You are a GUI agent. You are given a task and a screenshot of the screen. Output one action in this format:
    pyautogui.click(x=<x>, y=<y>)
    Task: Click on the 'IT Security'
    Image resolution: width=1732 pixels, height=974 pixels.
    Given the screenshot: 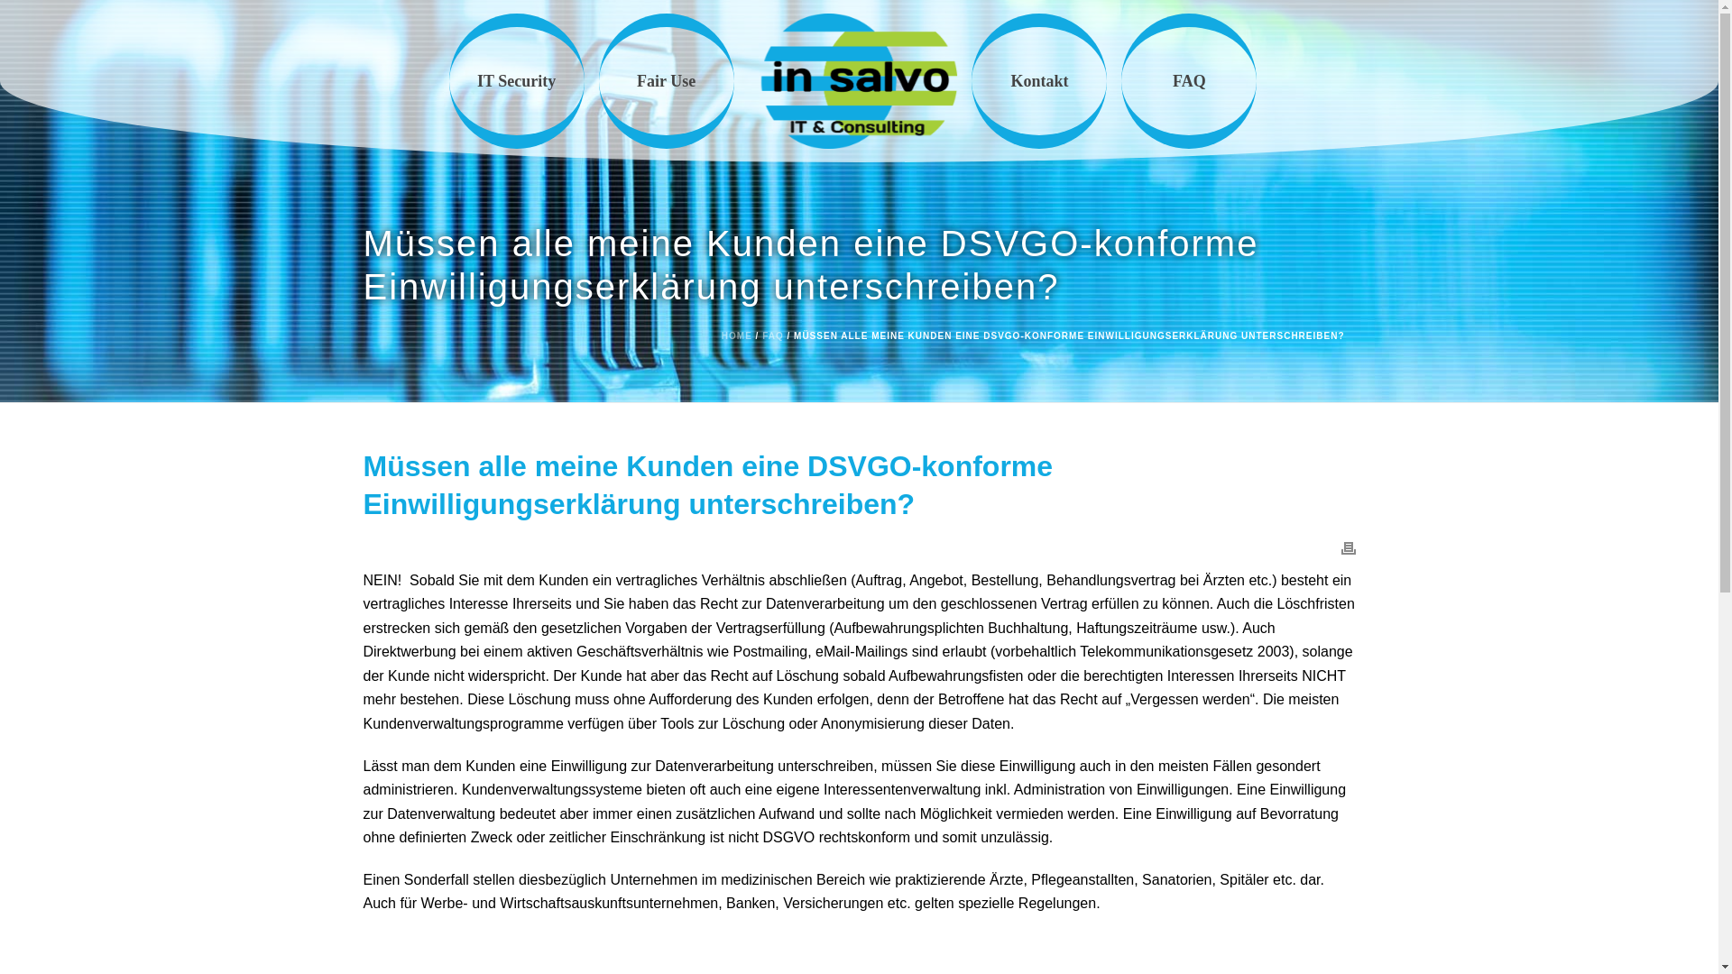 What is the action you would take?
    pyautogui.click(x=515, y=79)
    